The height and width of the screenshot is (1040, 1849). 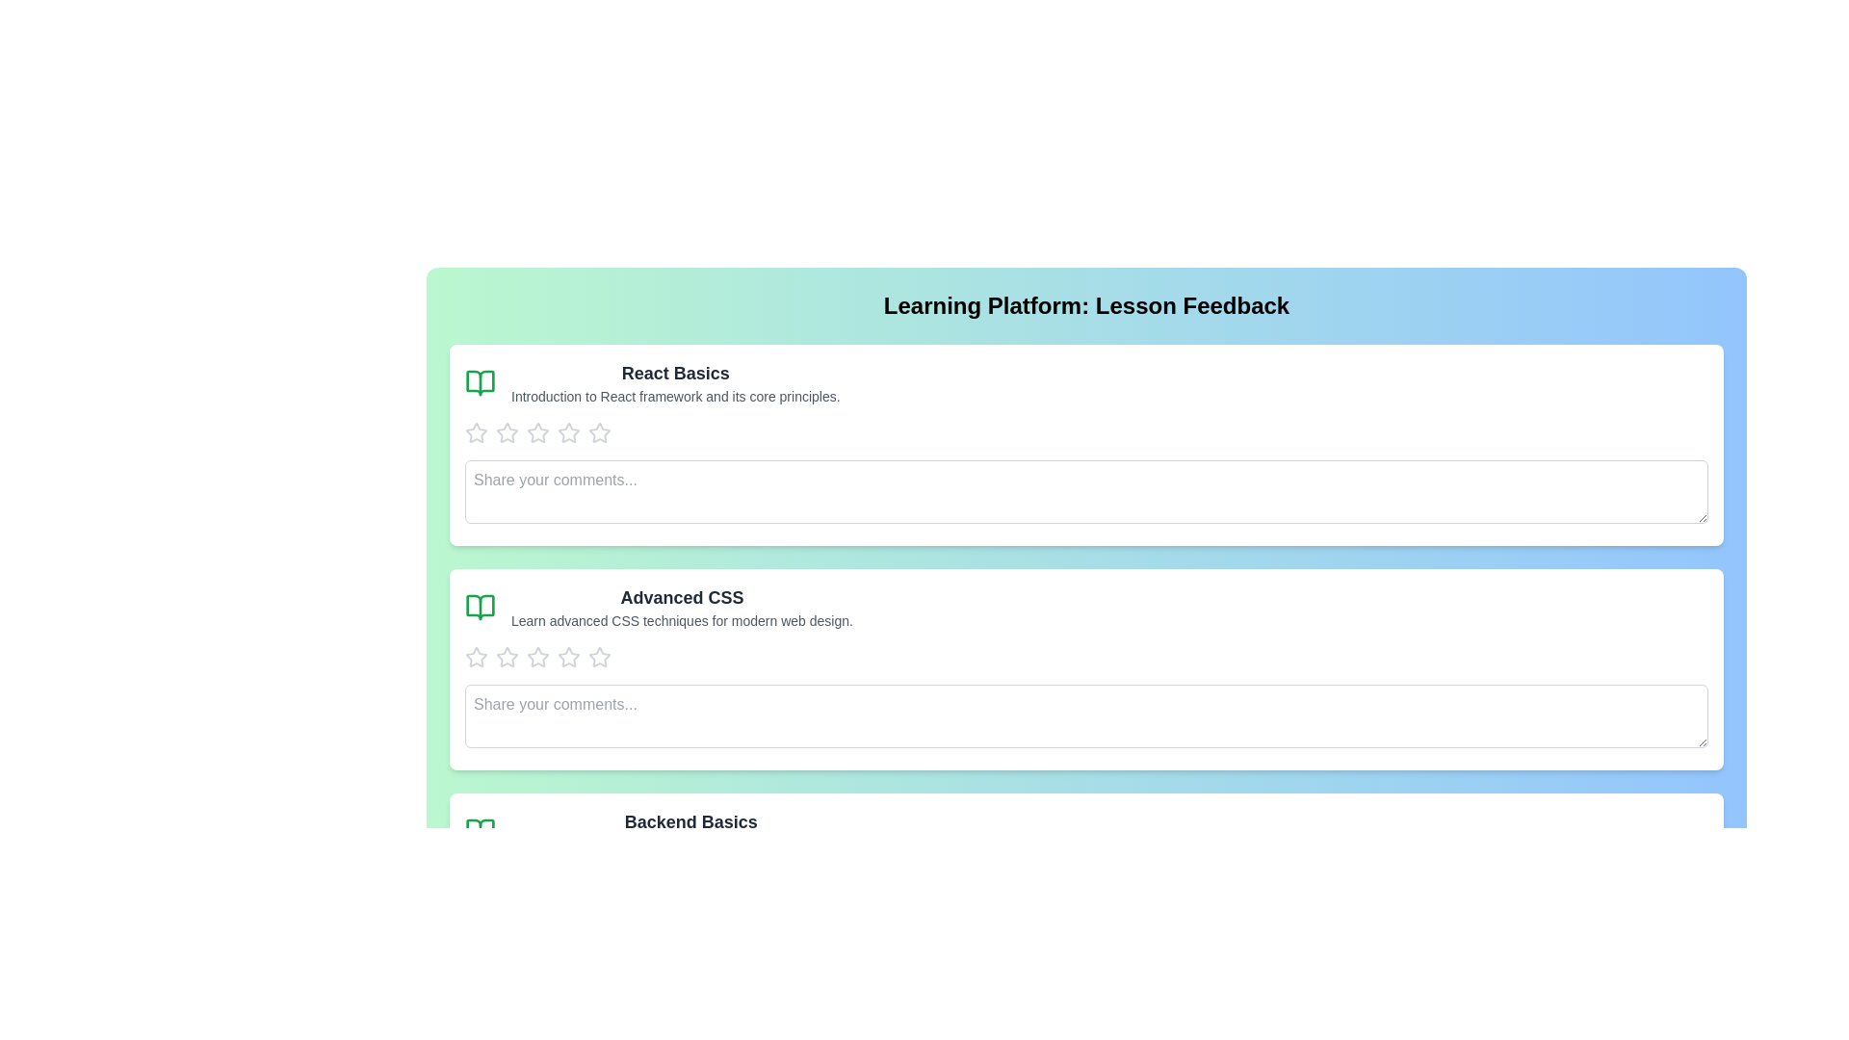 I want to click on the fourth star icon in the rating control under the 'React Basics' lesson heading, so click(x=537, y=433).